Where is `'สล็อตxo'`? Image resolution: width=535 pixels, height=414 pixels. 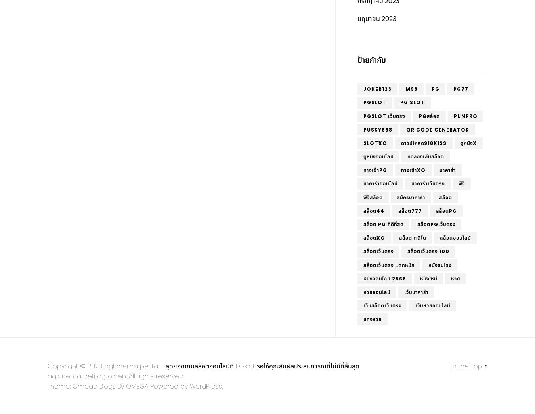
'สล็อตxo' is located at coordinates (374, 237).